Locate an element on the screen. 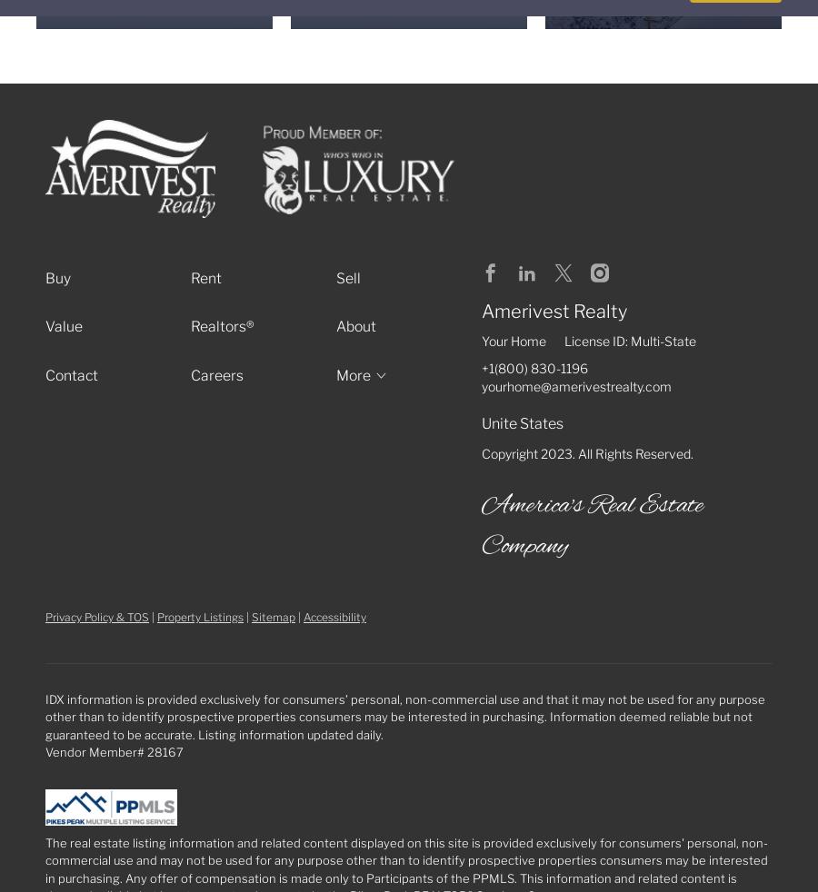 The height and width of the screenshot is (892, 818). 'America's Real Estate Company' is located at coordinates (592, 524).